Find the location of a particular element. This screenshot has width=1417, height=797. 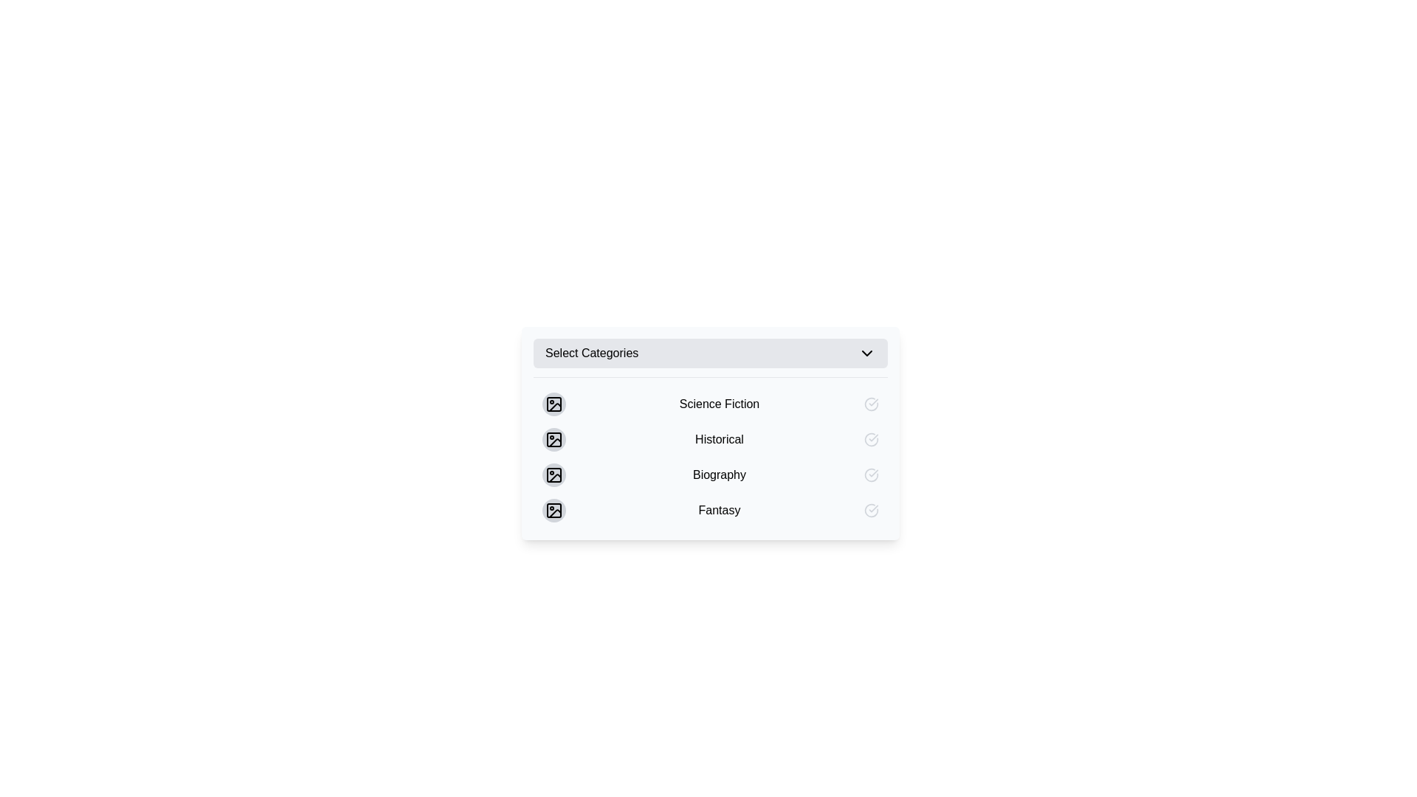

the circular button with a gray background and an image icon is located at coordinates (553, 475).